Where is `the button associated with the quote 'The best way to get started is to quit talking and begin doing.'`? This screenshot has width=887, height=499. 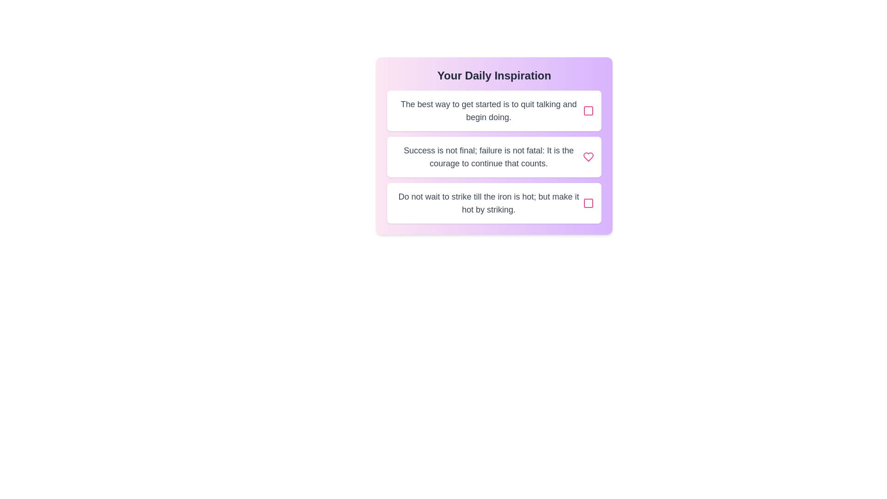 the button associated with the quote 'The best way to get started is to quit talking and begin doing.' is located at coordinates (588, 110).